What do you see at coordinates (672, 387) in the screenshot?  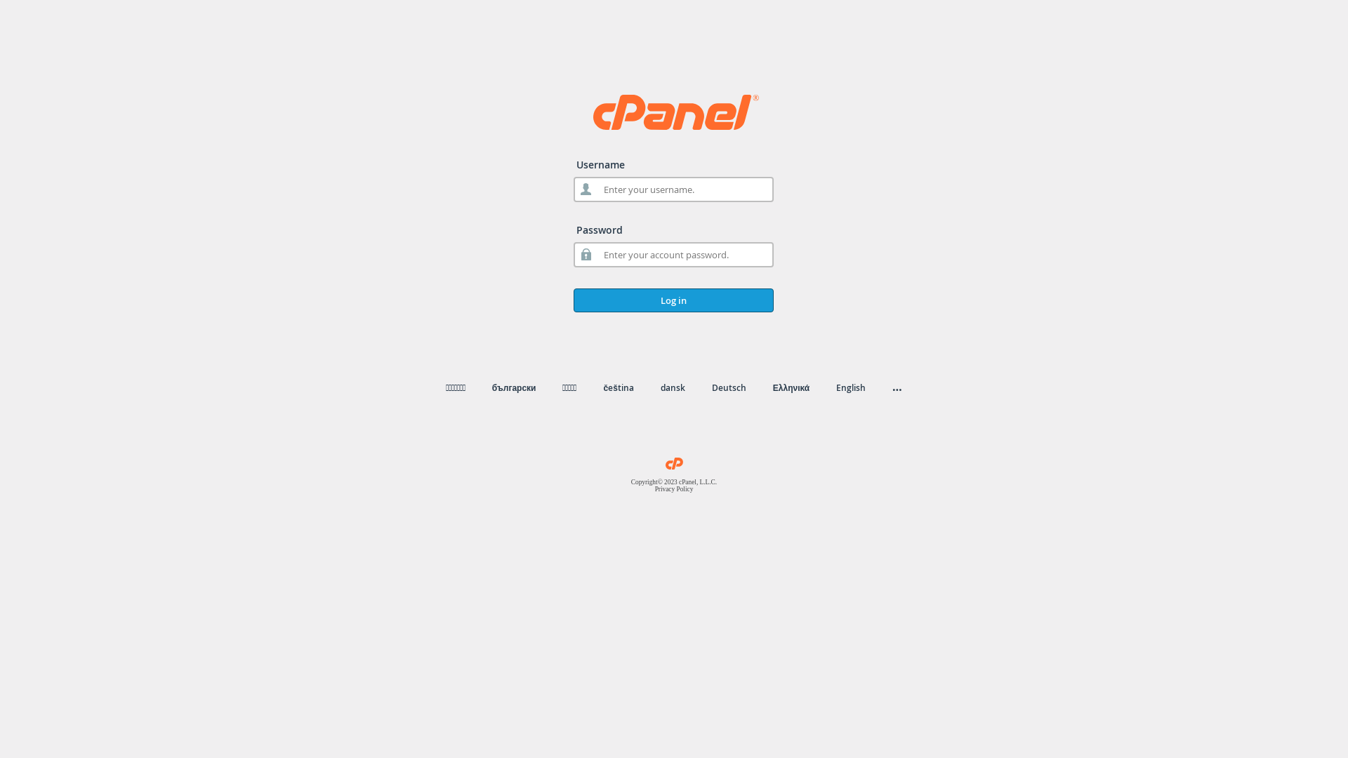 I see `'dansk'` at bounding box center [672, 387].